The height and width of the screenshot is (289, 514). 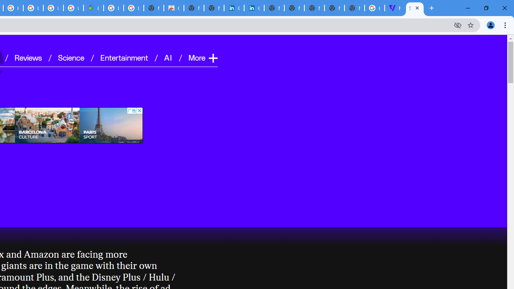 I want to click on 'Reviews', so click(x=28, y=57).